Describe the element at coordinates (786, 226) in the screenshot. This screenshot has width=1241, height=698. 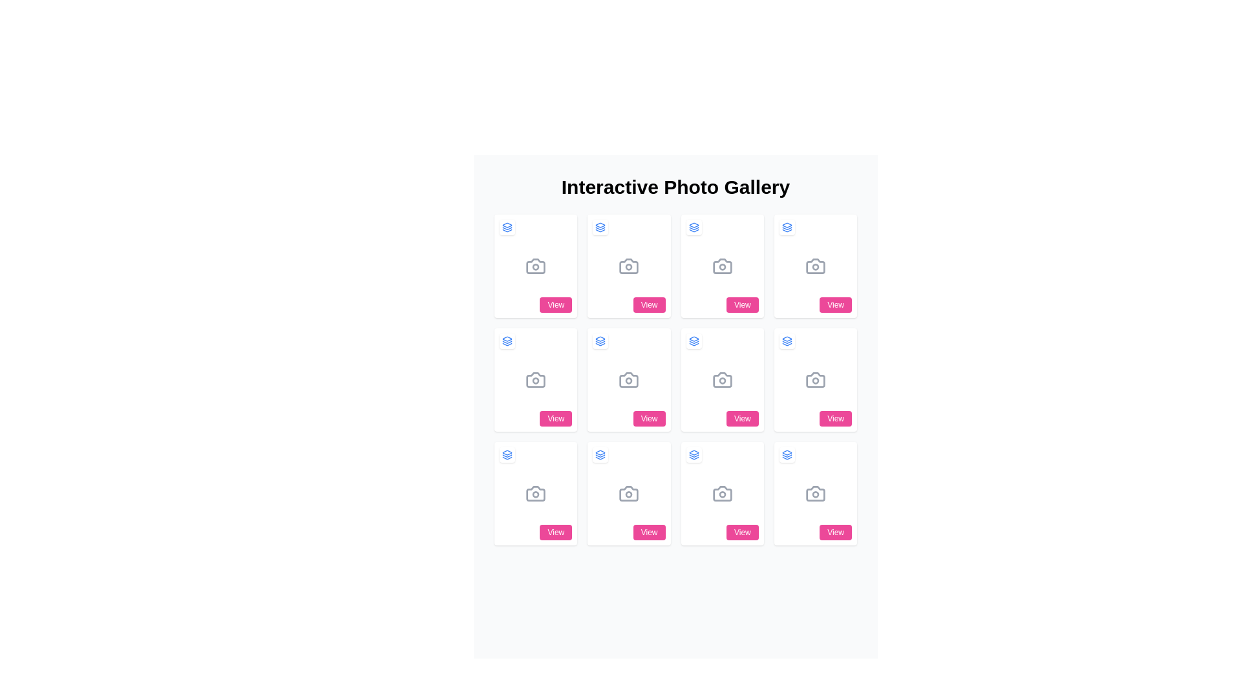
I see `the layer icon located in the top row and fourth column of the grid layout, which serves as an identifier or label` at that location.